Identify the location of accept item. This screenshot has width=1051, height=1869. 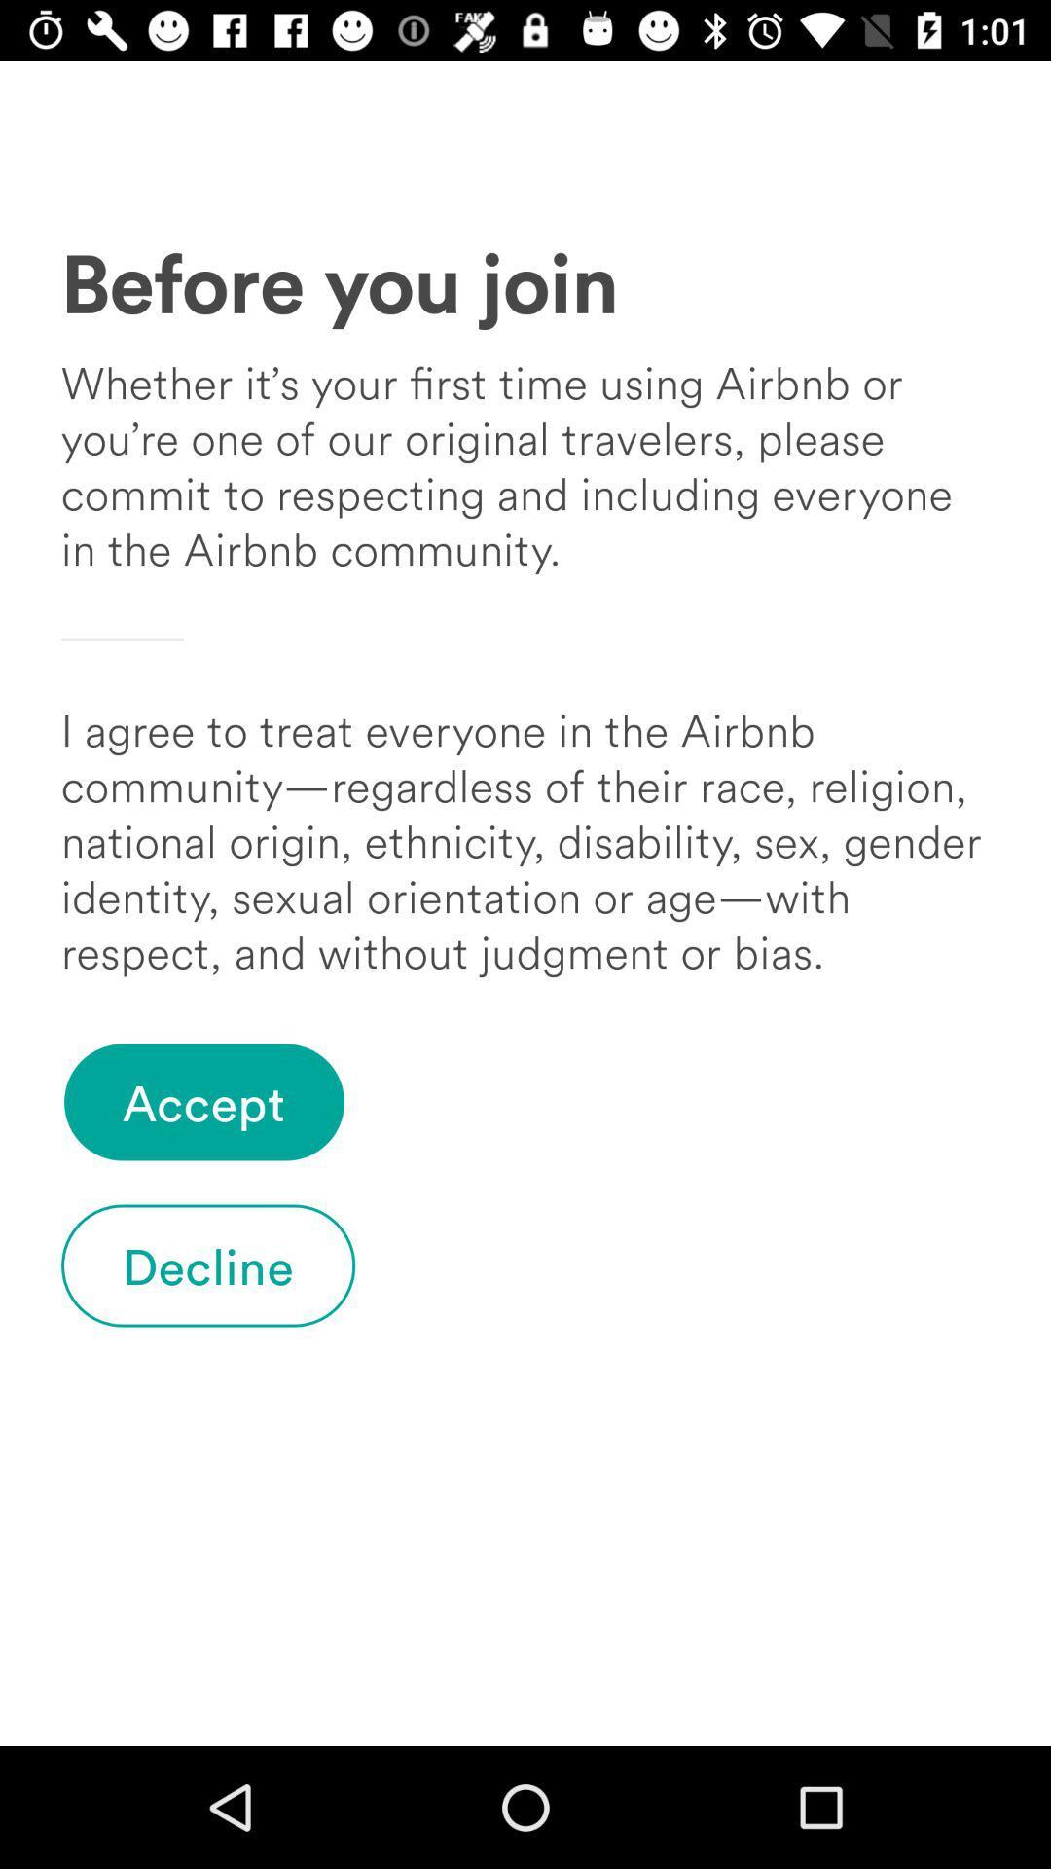
(203, 1102).